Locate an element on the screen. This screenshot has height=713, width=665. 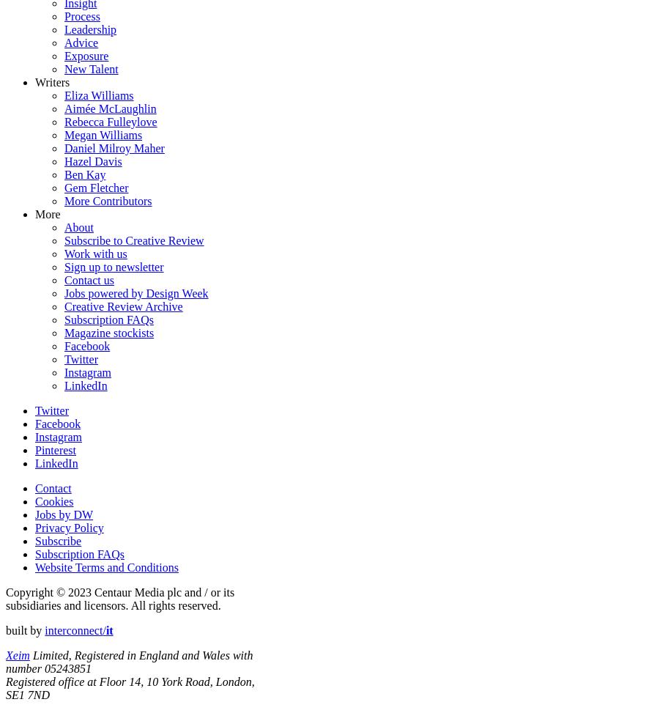
'Copyright © 2023 Centaur Media plc and / or its subsidiaries and licensors. All rights reserved.' is located at coordinates (4, 597).